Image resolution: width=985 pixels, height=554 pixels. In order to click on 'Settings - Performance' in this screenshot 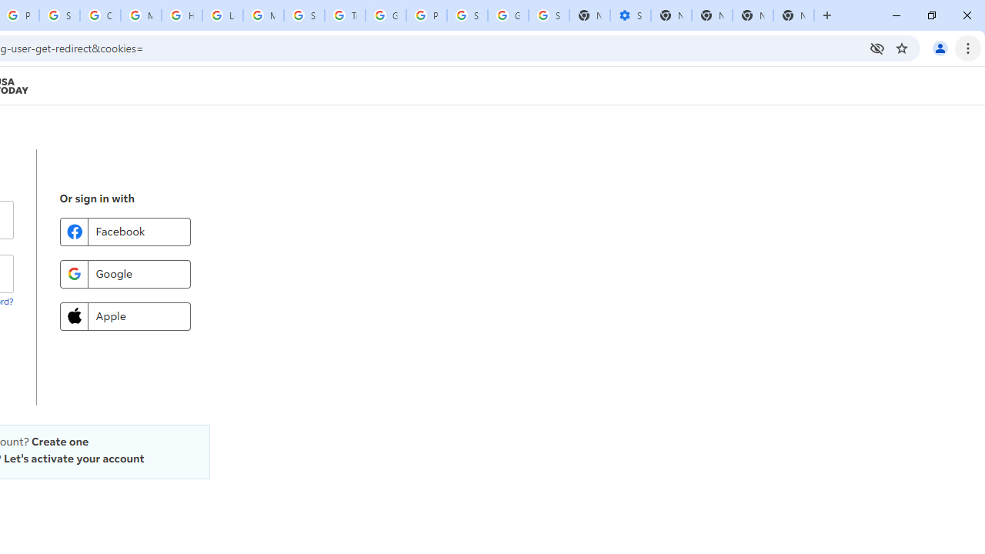, I will do `click(630, 15)`.